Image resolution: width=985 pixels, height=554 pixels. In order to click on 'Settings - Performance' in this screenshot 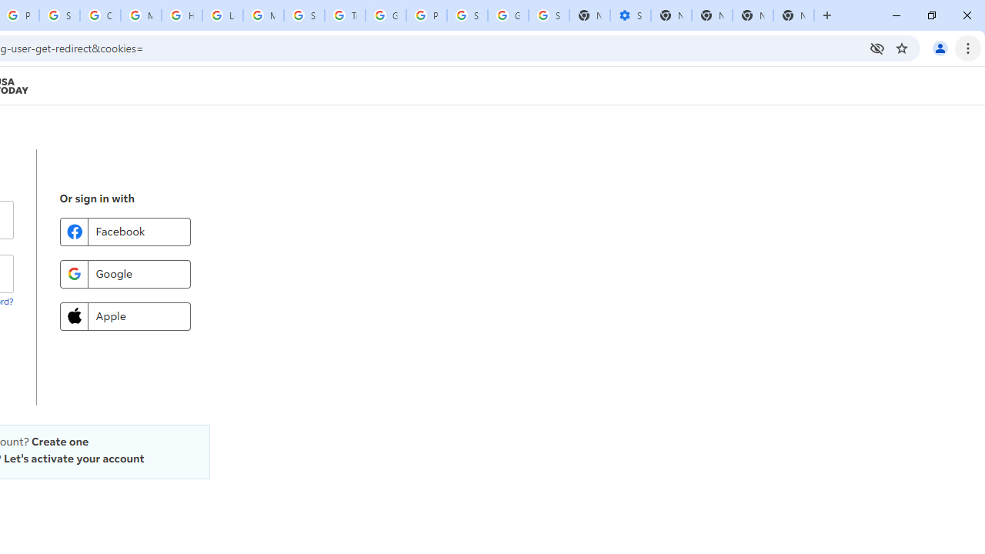, I will do `click(630, 15)`.